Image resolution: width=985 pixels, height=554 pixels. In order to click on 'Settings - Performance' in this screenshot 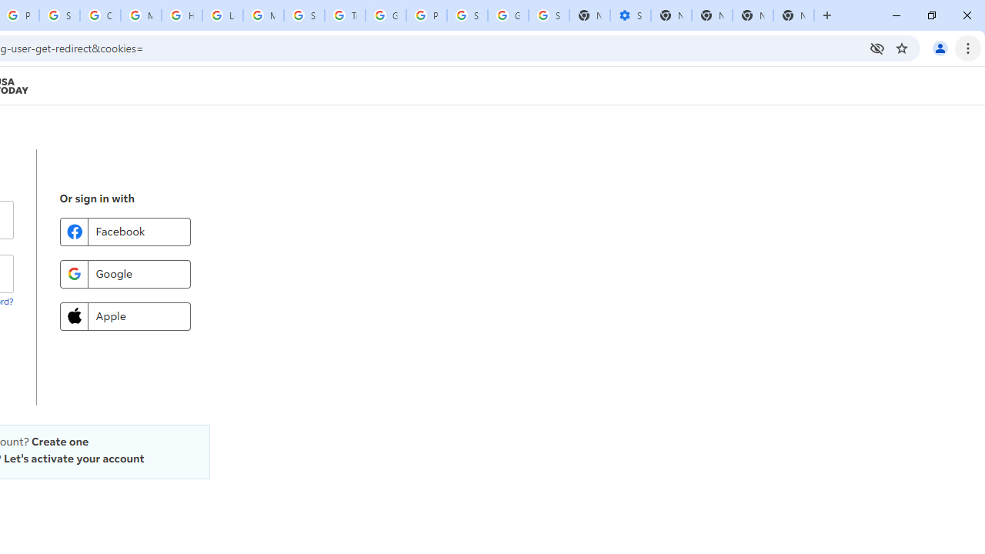, I will do `click(630, 15)`.